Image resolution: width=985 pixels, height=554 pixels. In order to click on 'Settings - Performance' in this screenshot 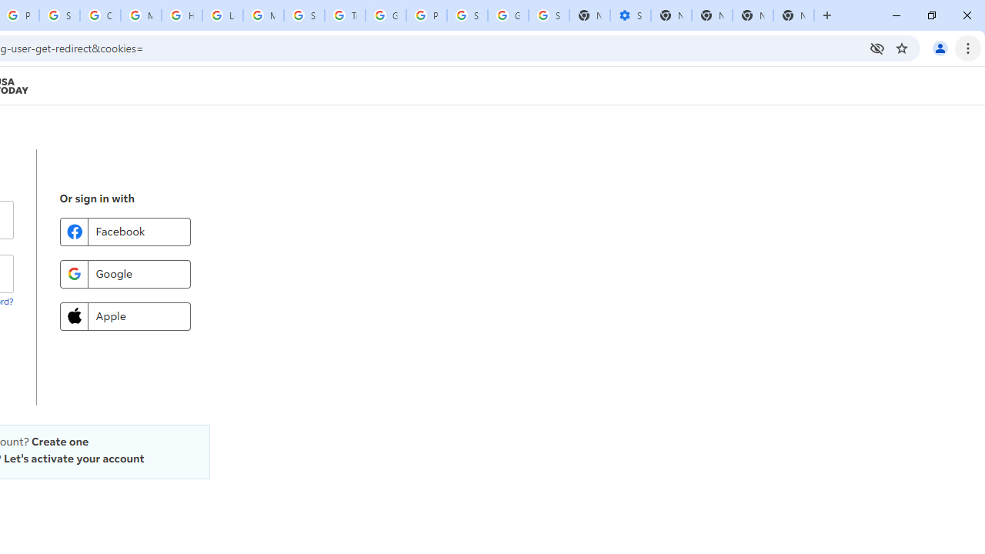, I will do `click(630, 15)`.